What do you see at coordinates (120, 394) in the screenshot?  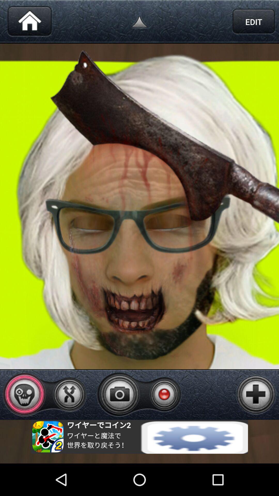 I see `take photo` at bounding box center [120, 394].